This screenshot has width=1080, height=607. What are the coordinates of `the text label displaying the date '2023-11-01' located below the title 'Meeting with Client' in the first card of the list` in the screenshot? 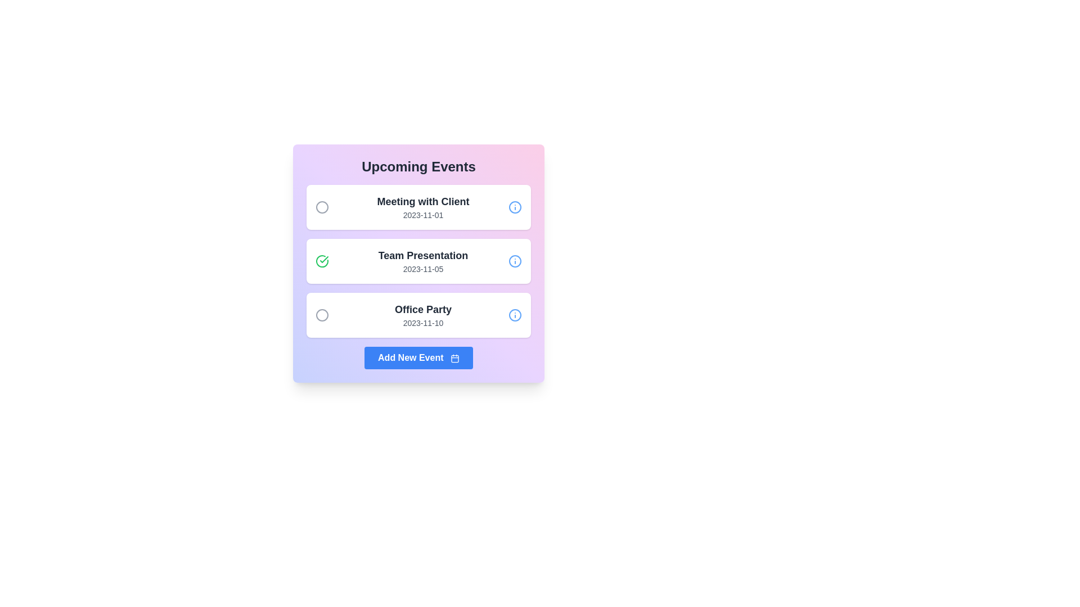 It's located at (422, 215).